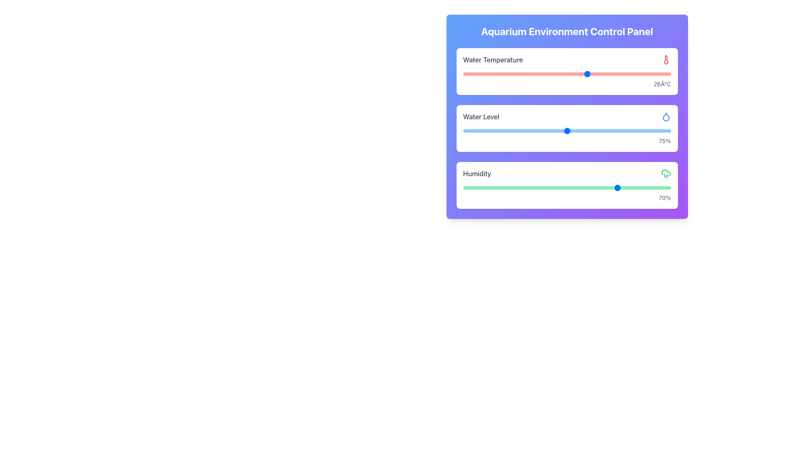  I want to click on the static text element displaying 'Aquarium Environment Control Panel', which is bold and large, centered at the top of the interface, so click(567, 31).